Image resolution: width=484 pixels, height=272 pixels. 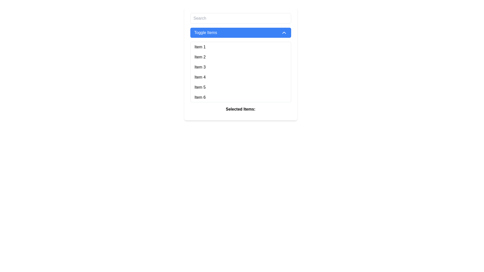 What do you see at coordinates (240, 109) in the screenshot?
I see `the 'Selected Items:' label at the bottom of the UI section to potentially reveal interactive tooltips` at bounding box center [240, 109].